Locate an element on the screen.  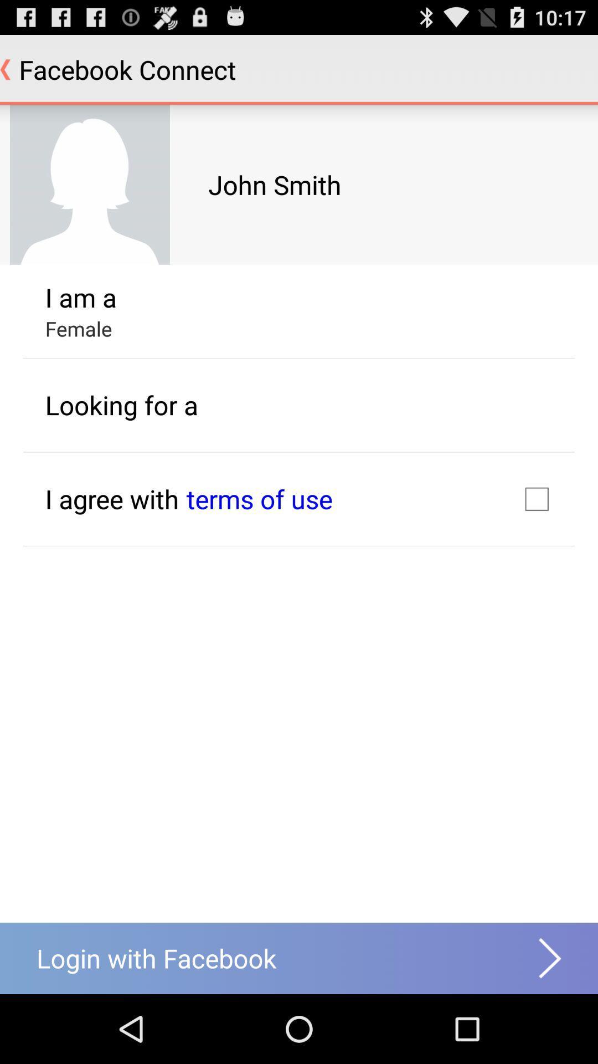
the icon on the right is located at coordinates (536, 498).